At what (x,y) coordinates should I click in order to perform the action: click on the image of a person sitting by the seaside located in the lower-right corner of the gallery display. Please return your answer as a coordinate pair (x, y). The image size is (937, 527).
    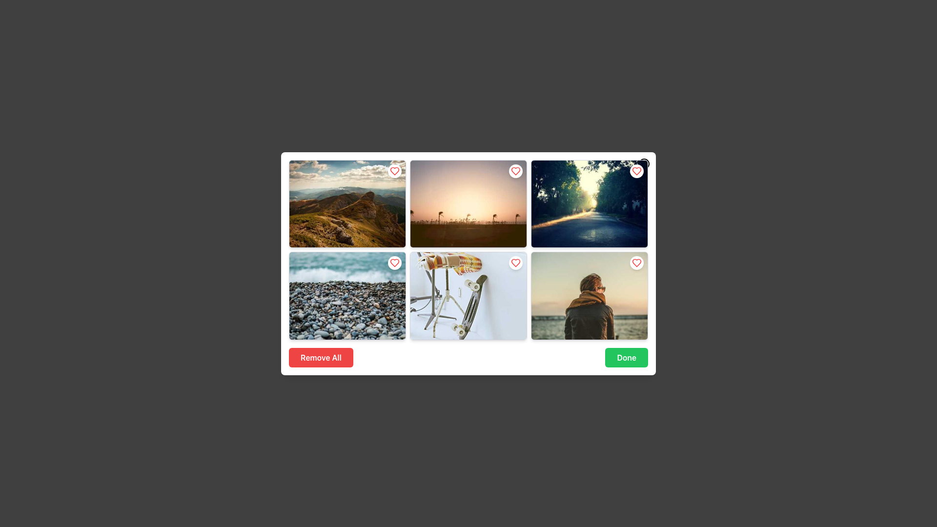
    Looking at the image, I should click on (589, 295).